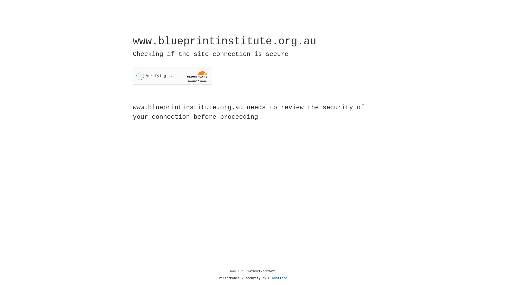 The image size is (506, 285). What do you see at coordinates (278, 278) in the screenshot?
I see `'Cloudflare'` at bounding box center [278, 278].